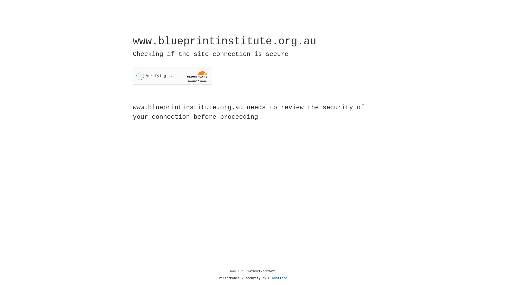 The image size is (506, 285). What do you see at coordinates (278, 278) in the screenshot?
I see `'Cloudflare'` at bounding box center [278, 278].